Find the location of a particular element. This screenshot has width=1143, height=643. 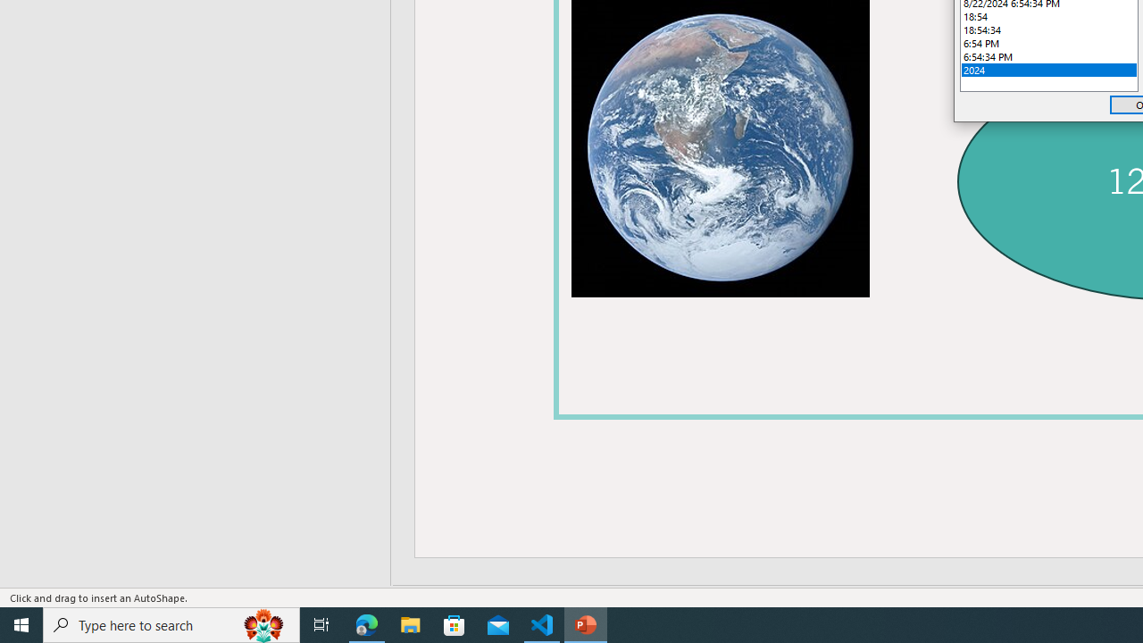

'Microsoft Store' is located at coordinates (455, 623).